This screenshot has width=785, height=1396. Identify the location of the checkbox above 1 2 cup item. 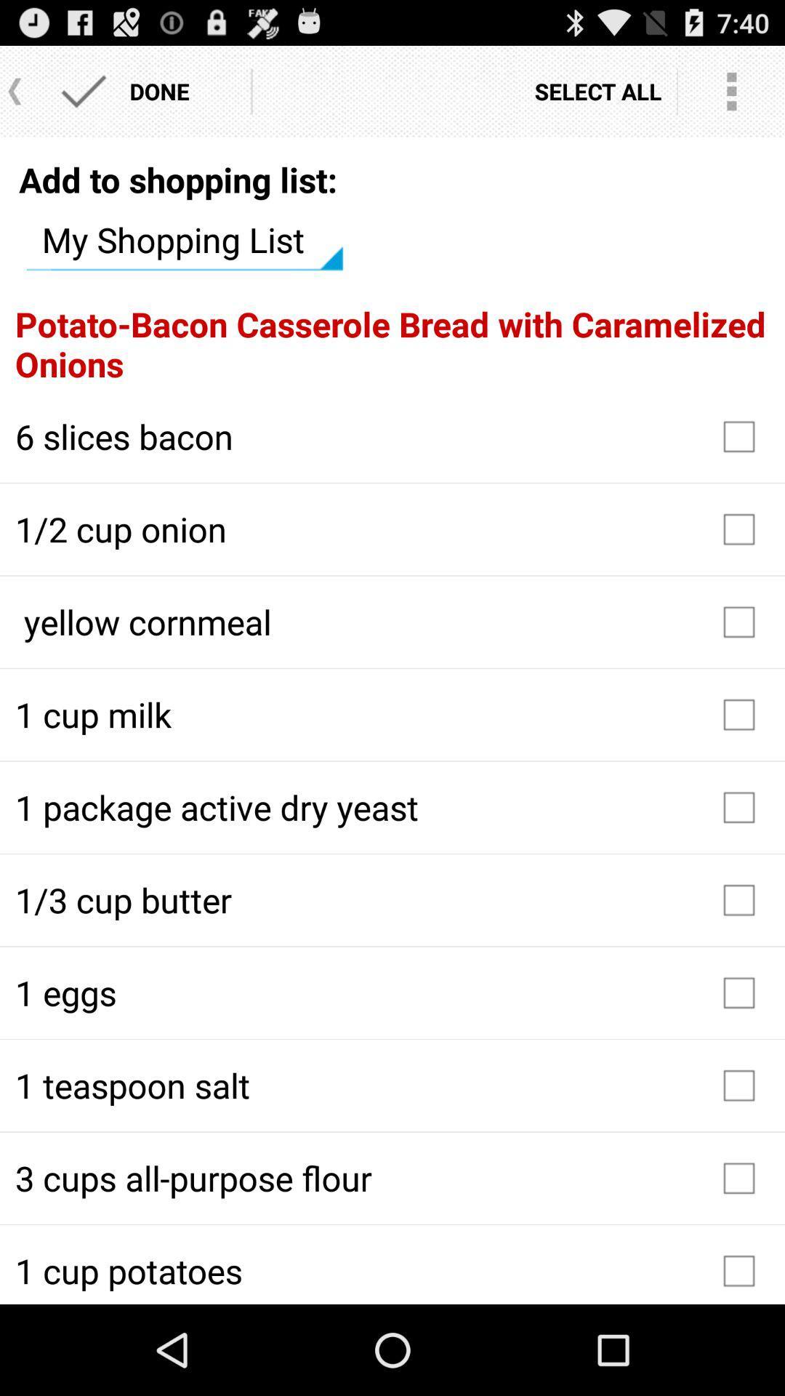
(392, 436).